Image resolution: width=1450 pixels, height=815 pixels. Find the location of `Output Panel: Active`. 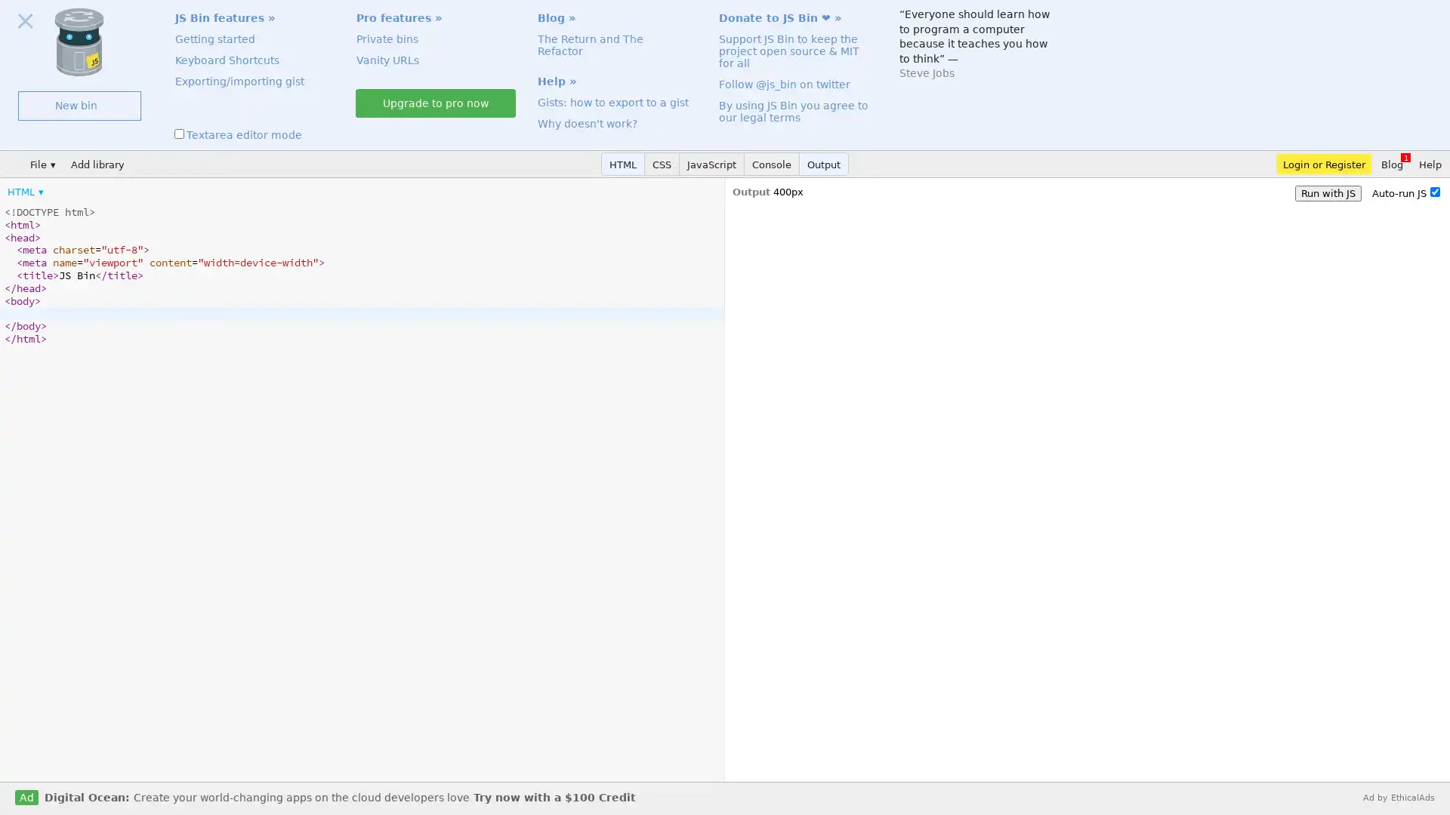

Output Panel: Active is located at coordinates (823, 164).